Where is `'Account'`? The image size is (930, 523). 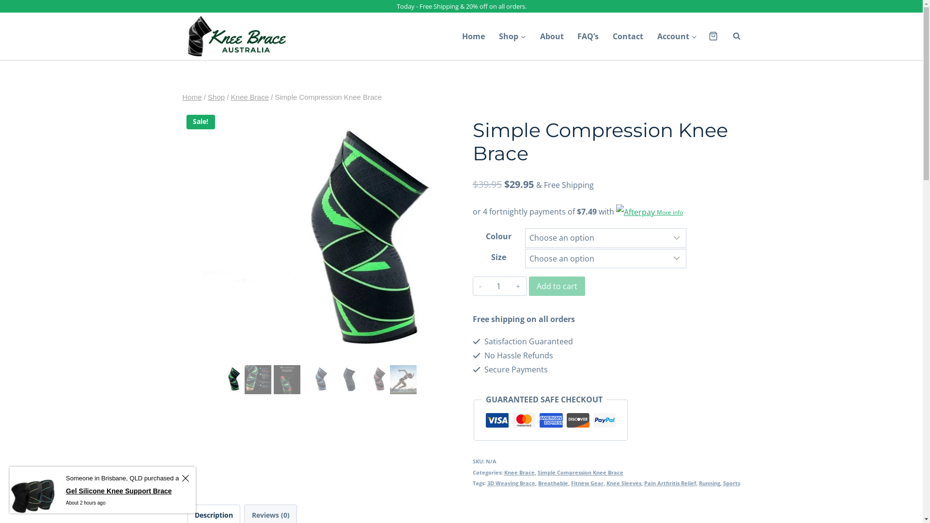
'Account' is located at coordinates (677, 35).